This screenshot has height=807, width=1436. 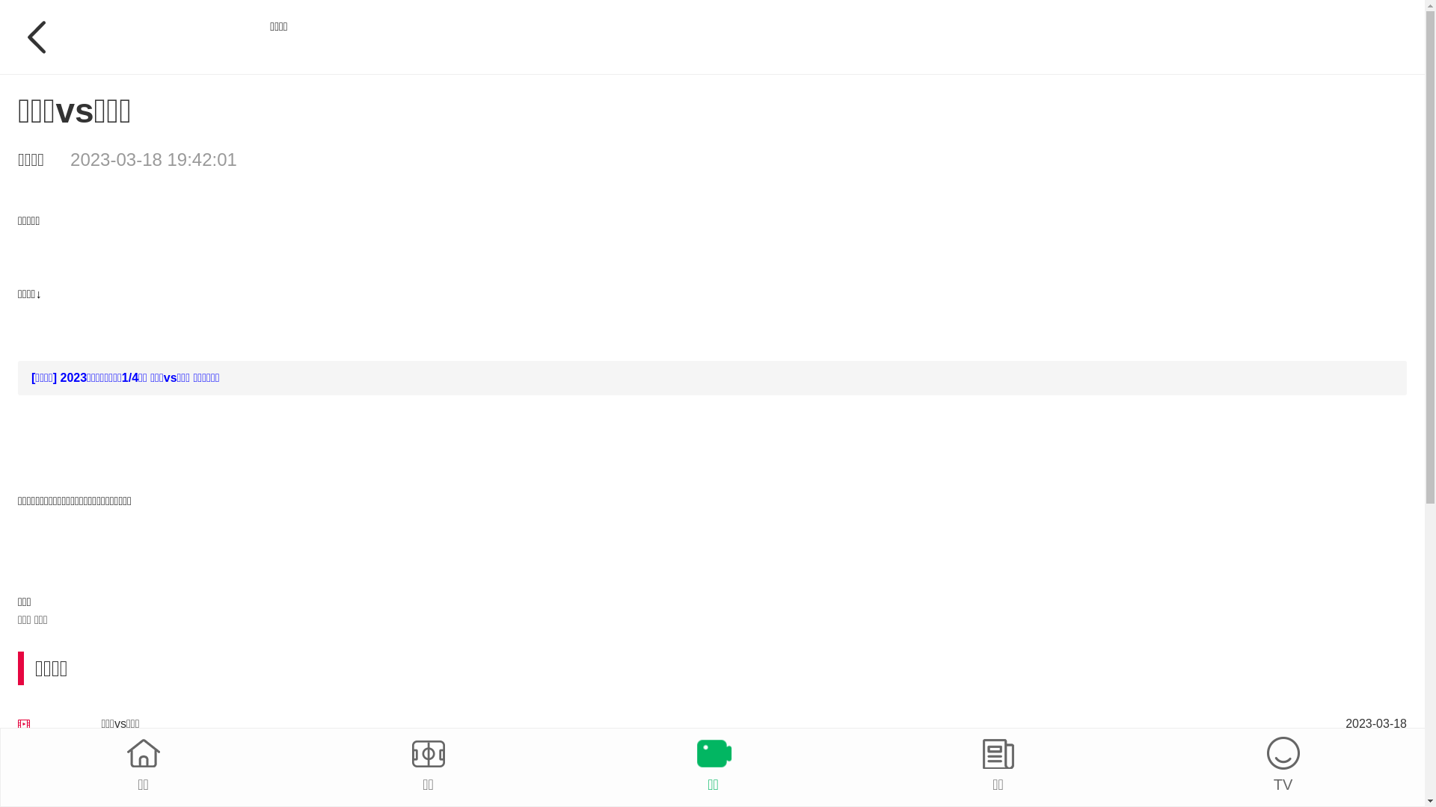 I want to click on 'TV', so click(x=1282, y=766).